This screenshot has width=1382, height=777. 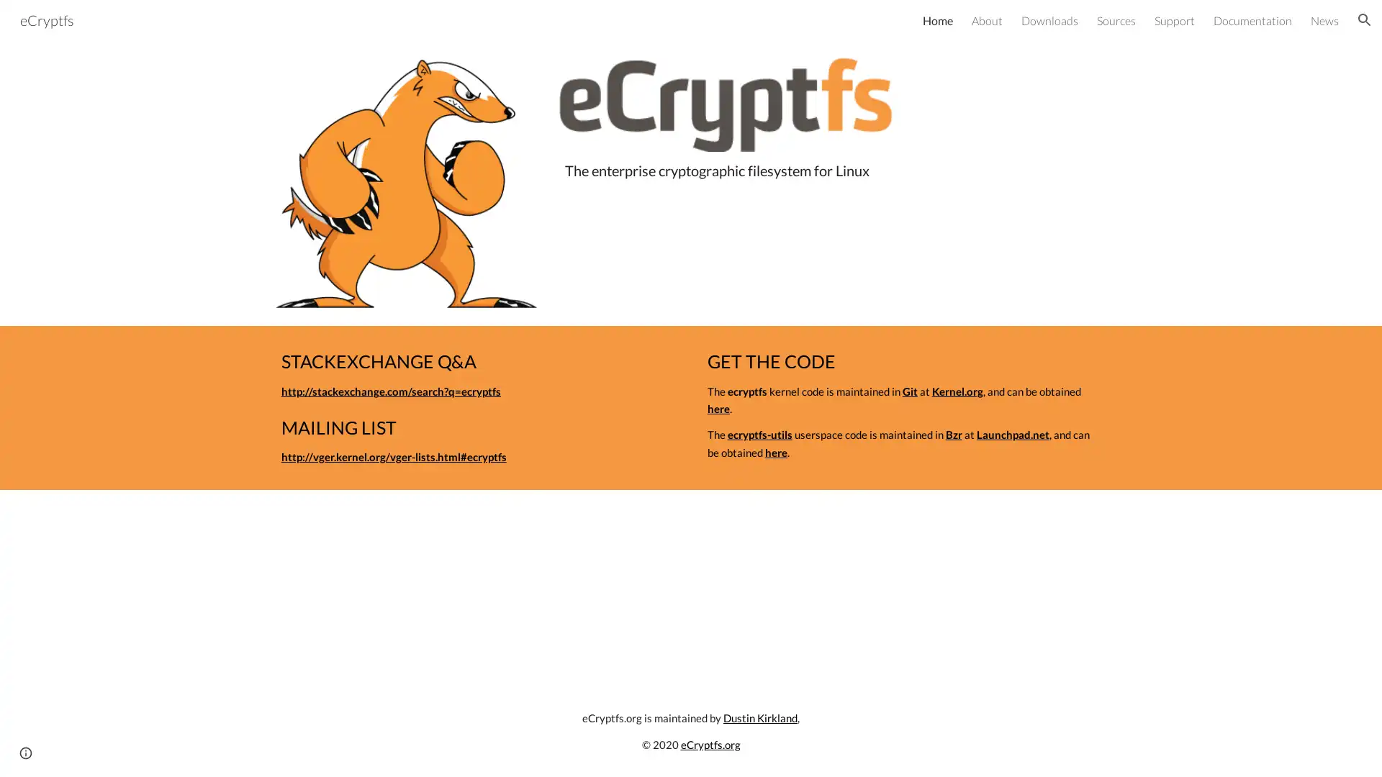 What do you see at coordinates (851, 360) in the screenshot?
I see `Copy heading link` at bounding box center [851, 360].